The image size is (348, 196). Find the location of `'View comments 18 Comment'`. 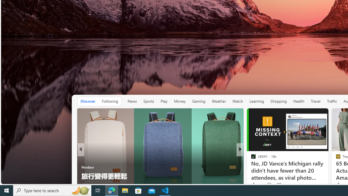

'View comments 18 Comment' is located at coordinates (277, 185).